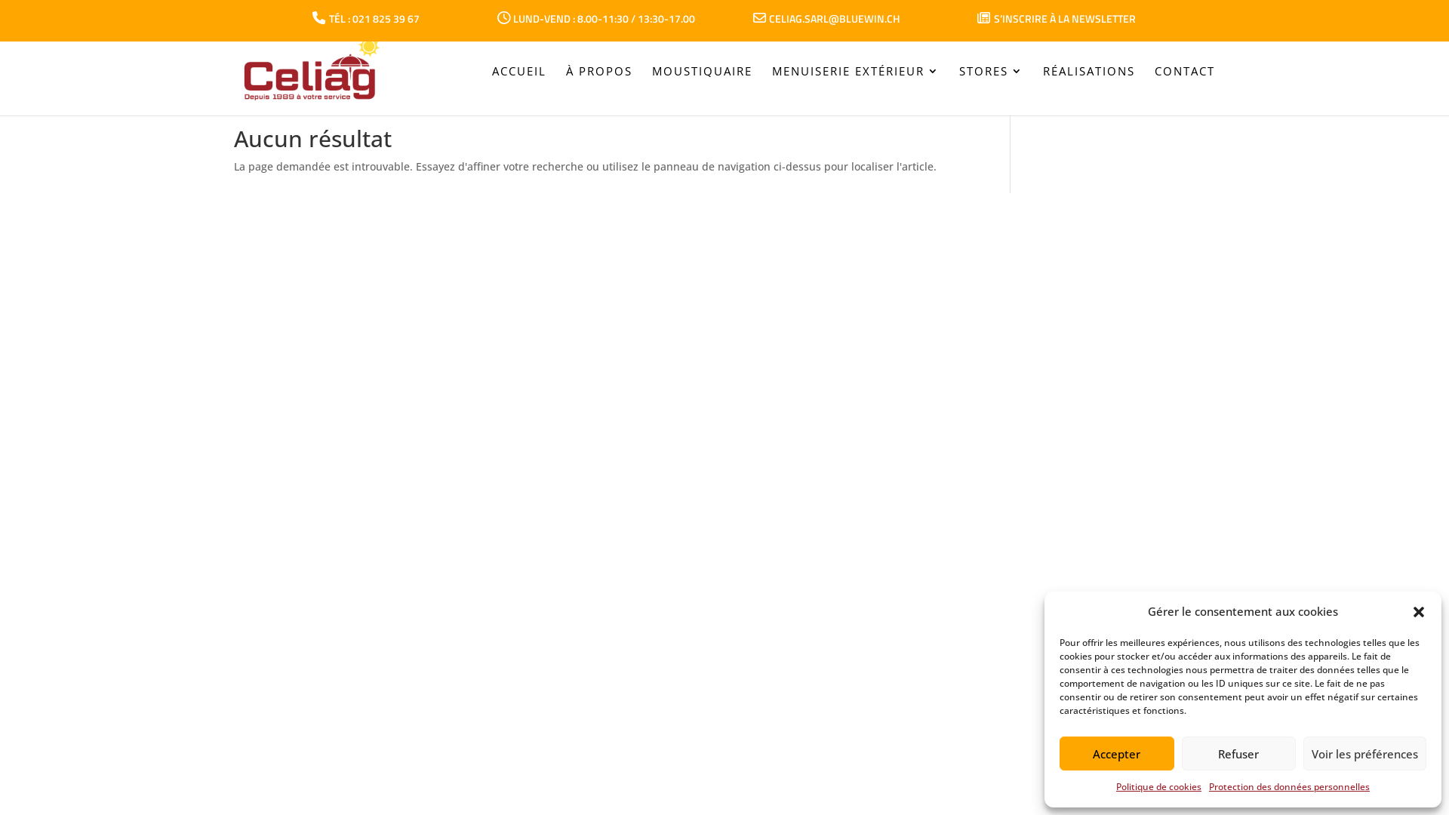 The image size is (1449, 815). Describe the element at coordinates (1115, 786) in the screenshot. I see `'Politique de cookies'` at that location.